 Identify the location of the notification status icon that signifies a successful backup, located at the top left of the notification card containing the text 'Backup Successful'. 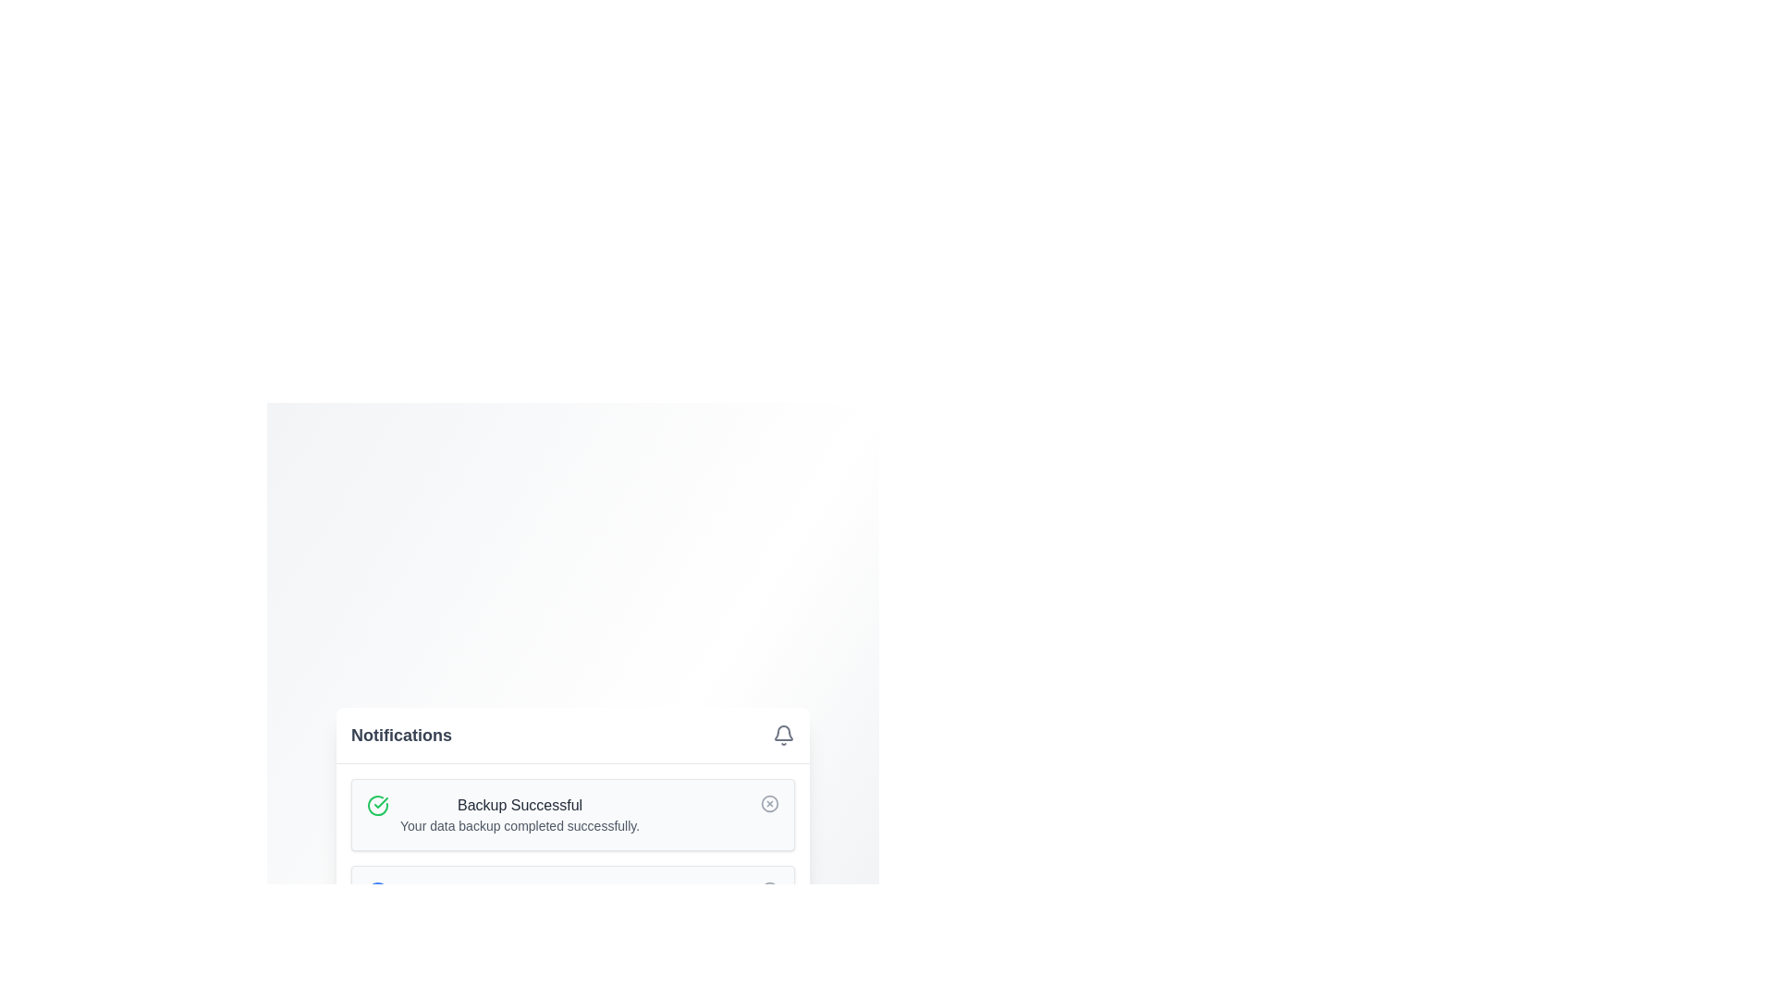
(376, 804).